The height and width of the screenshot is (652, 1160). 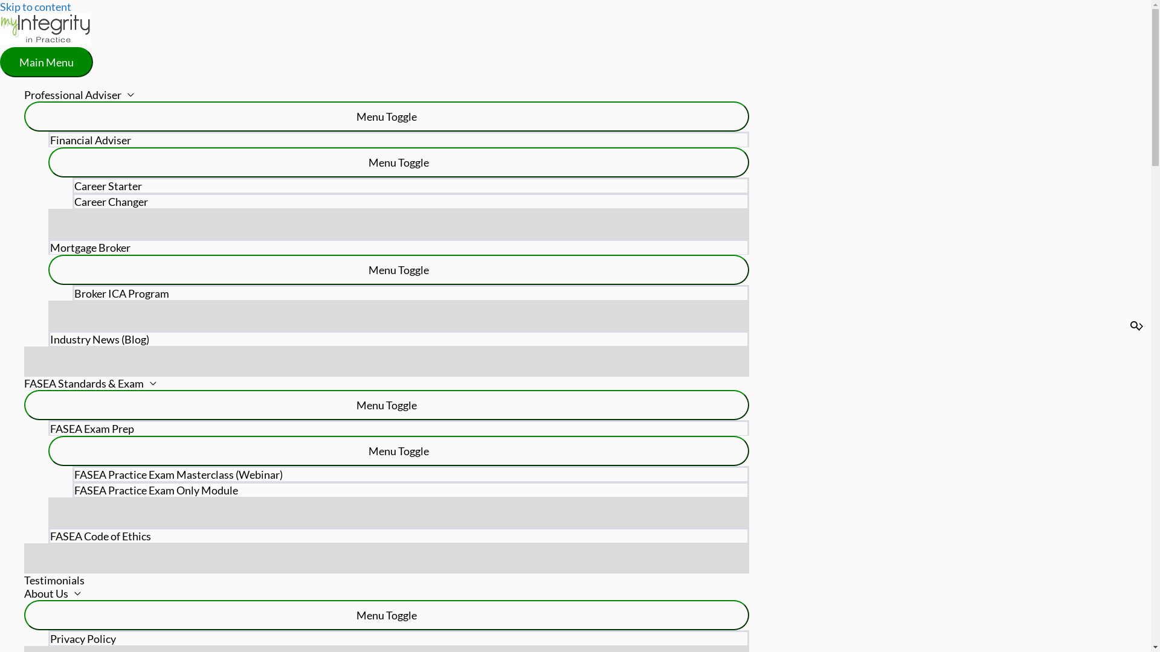 What do you see at coordinates (399, 338) in the screenshot?
I see `'Industry News (Blog)'` at bounding box center [399, 338].